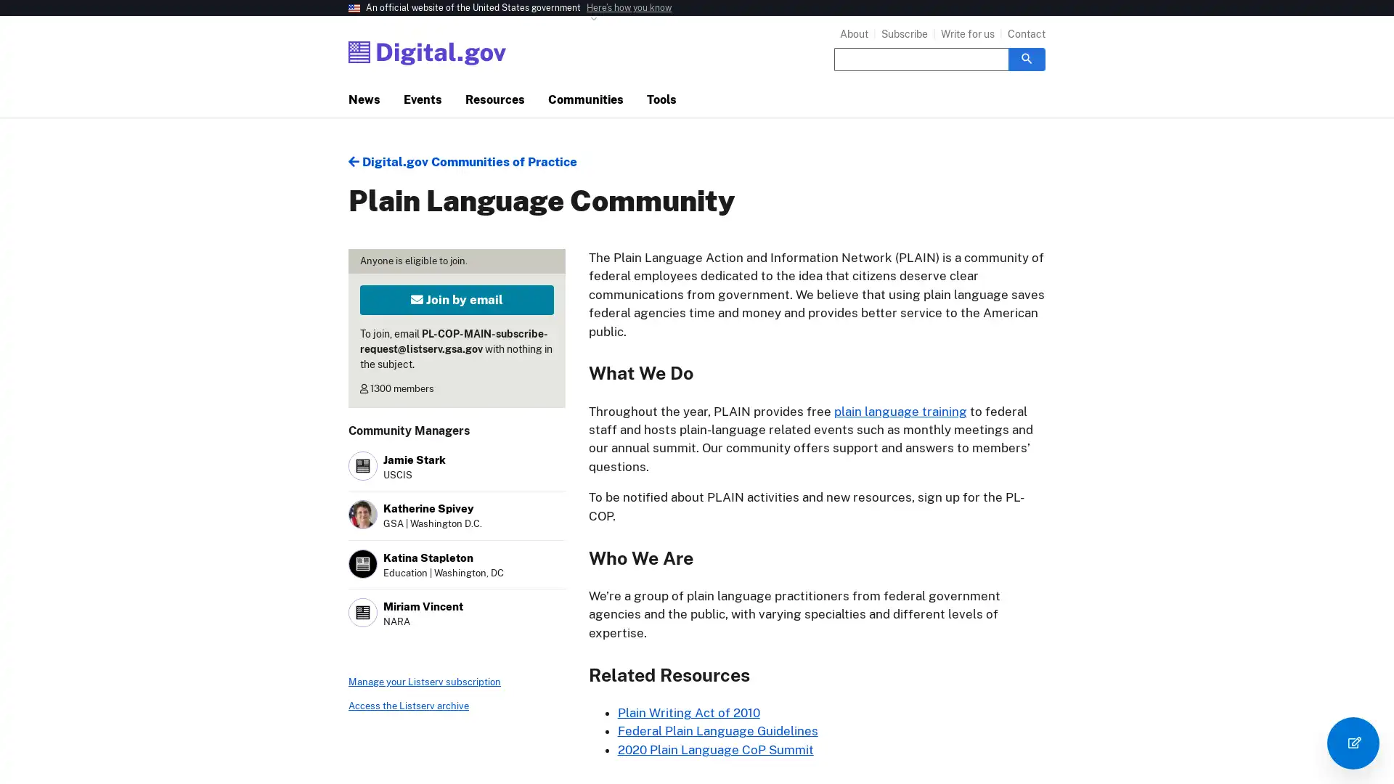  What do you see at coordinates (1026, 58) in the screenshot?
I see `Search` at bounding box center [1026, 58].